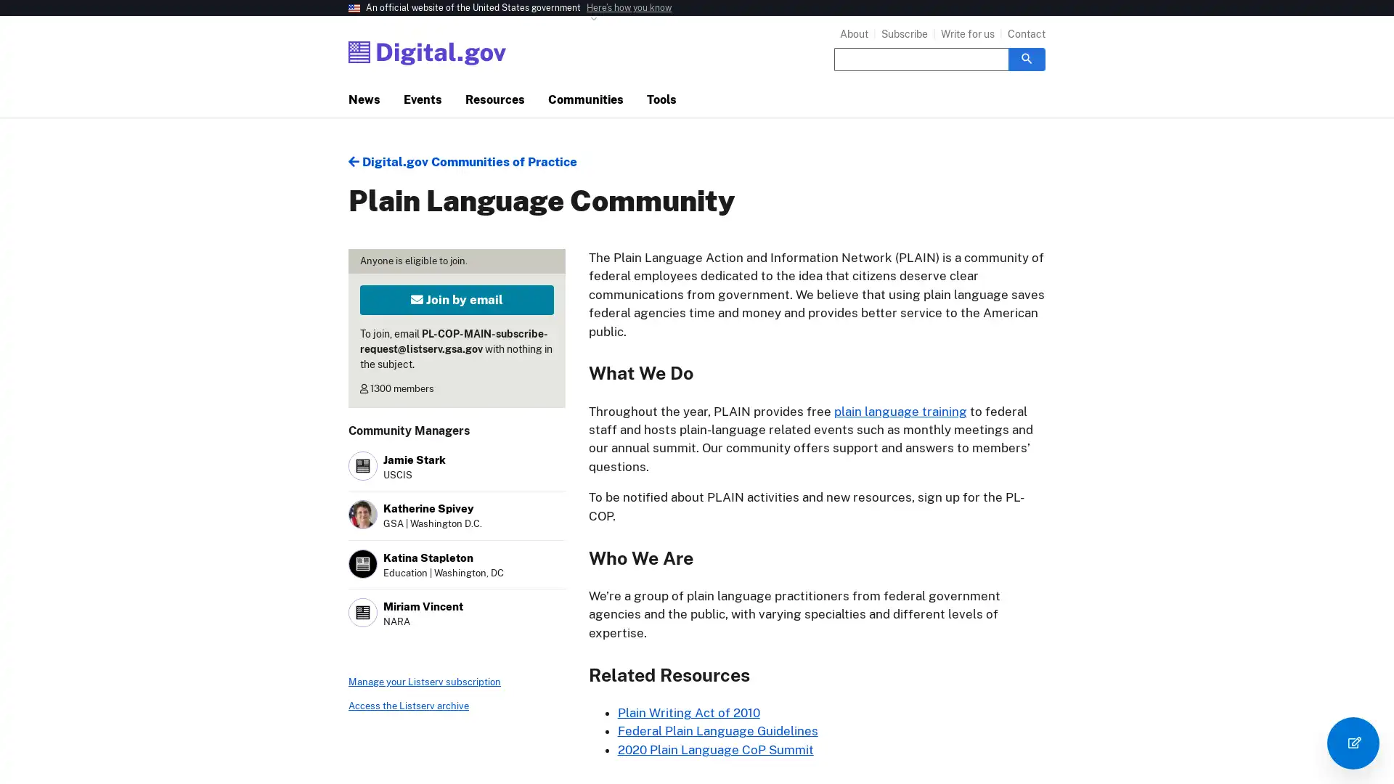  What do you see at coordinates (1026, 58) in the screenshot?
I see `Search` at bounding box center [1026, 58].